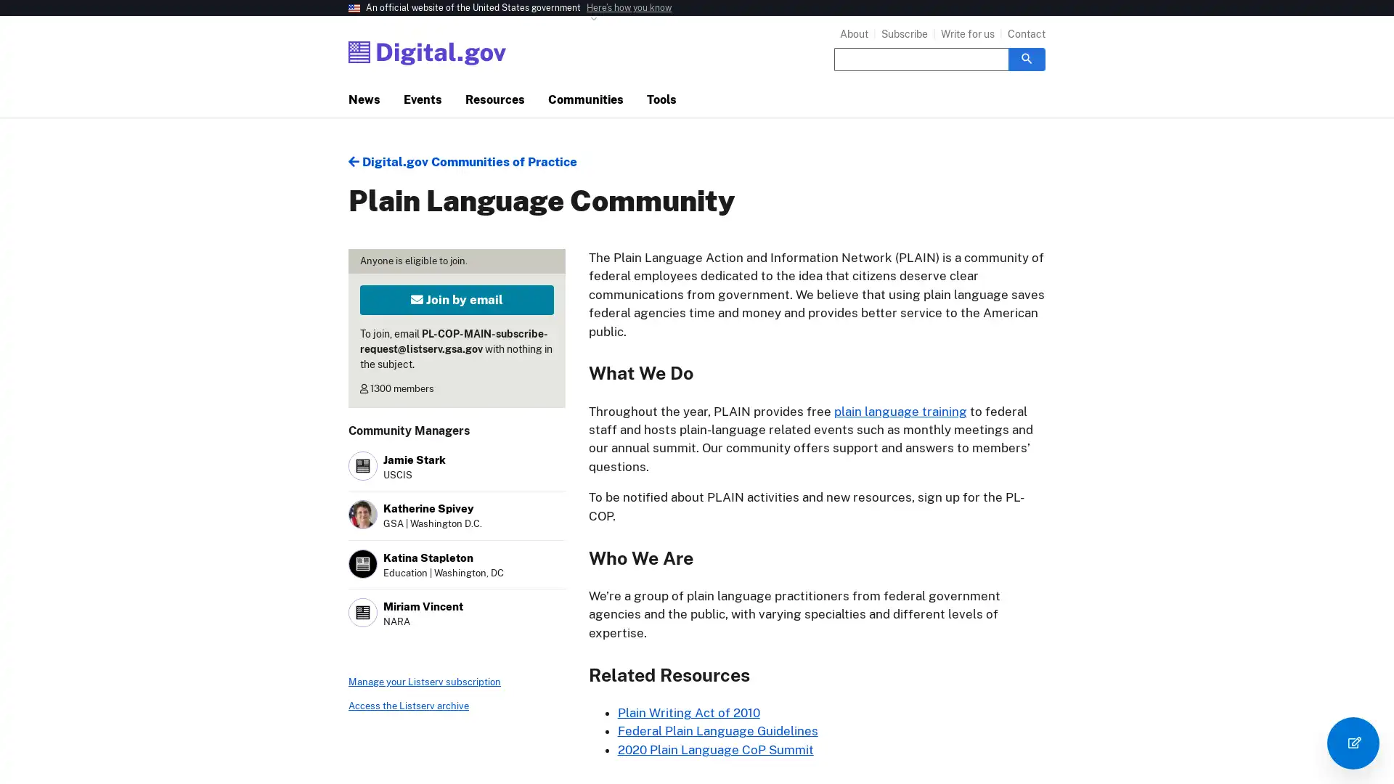  What do you see at coordinates (1026, 58) in the screenshot?
I see `Search` at bounding box center [1026, 58].